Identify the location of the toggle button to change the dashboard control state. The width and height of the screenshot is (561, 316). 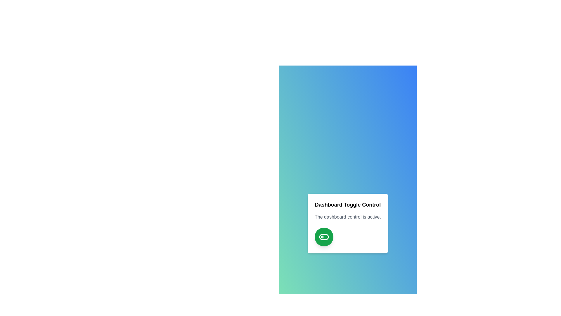
(324, 237).